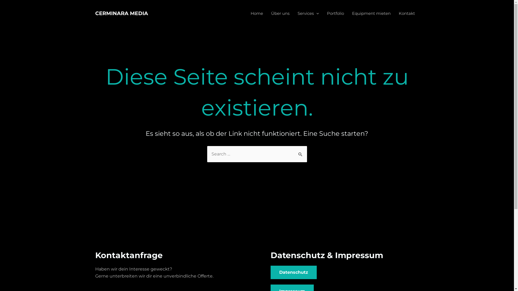 The image size is (518, 291). I want to click on 'Kontakt', so click(407, 13).